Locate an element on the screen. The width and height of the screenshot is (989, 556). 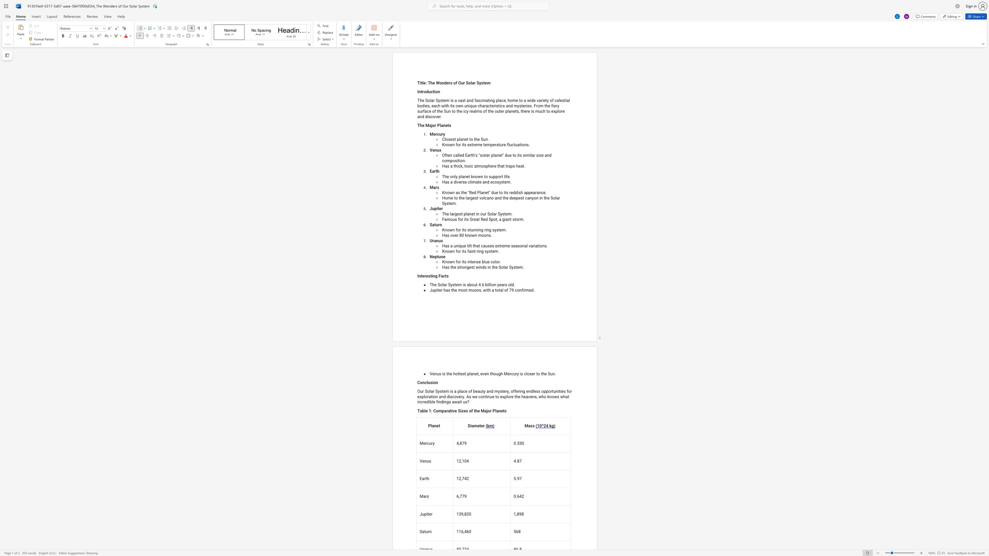
the 2th character "c" in the text is located at coordinates (443, 160).